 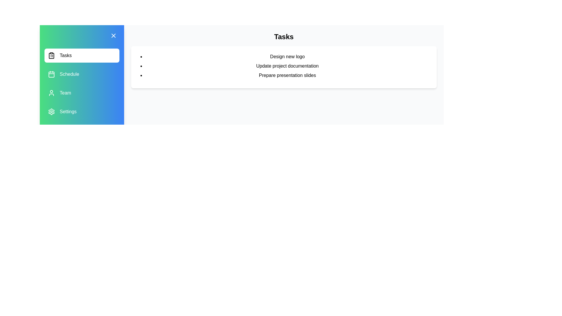 What do you see at coordinates (81, 92) in the screenshot?
I see `the menu item Team to observe the hover effect` at bounding box center [81, 92].